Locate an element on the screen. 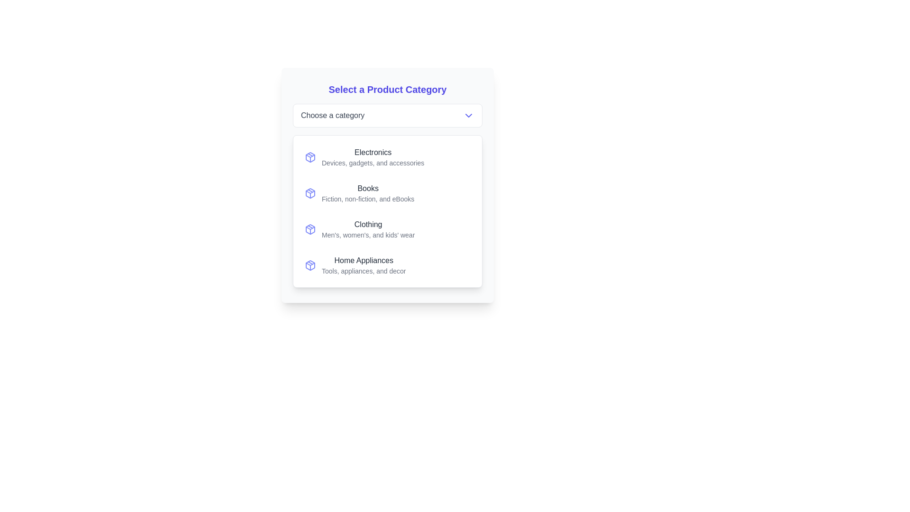 The image size is (910, 512). the Text Label that serves as a header for the section, positioned above the 'Choose a category' dropdown menu is located at coordinates (387, 90).